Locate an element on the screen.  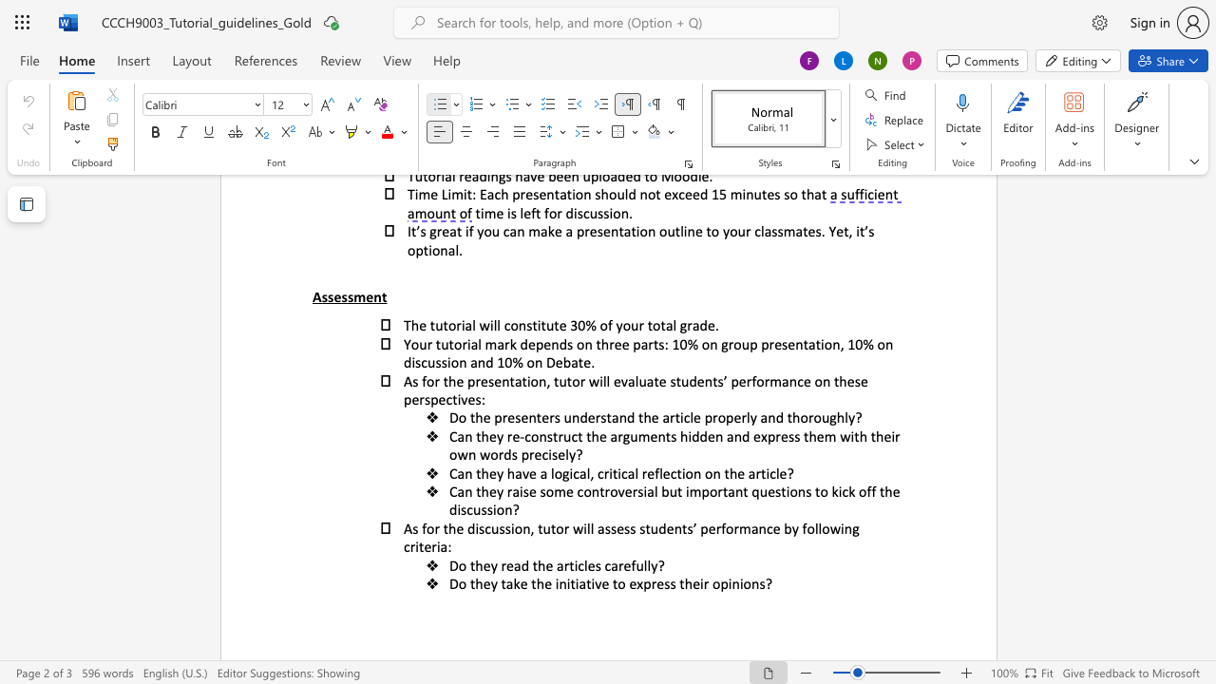
the space between the continuous character "i" and "a" in the text is located at coordinates (579, 582).